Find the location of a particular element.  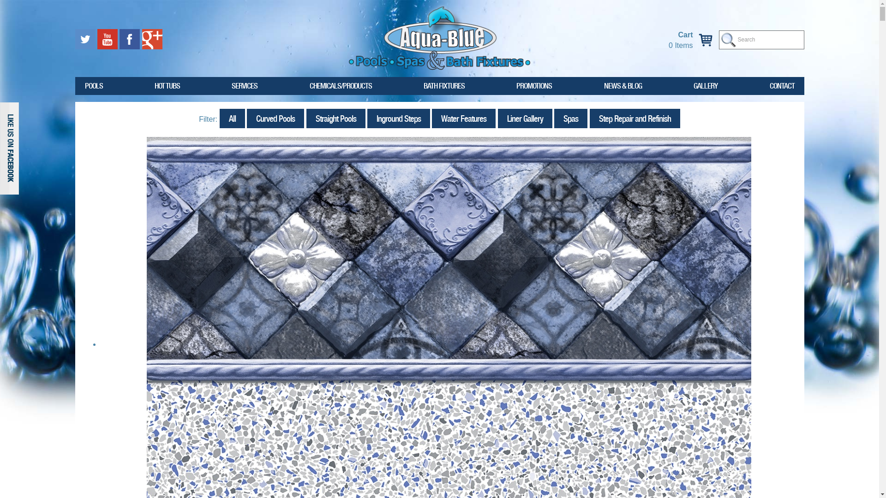

'Watch us on Youtube' is located at coordinates (108, 38).